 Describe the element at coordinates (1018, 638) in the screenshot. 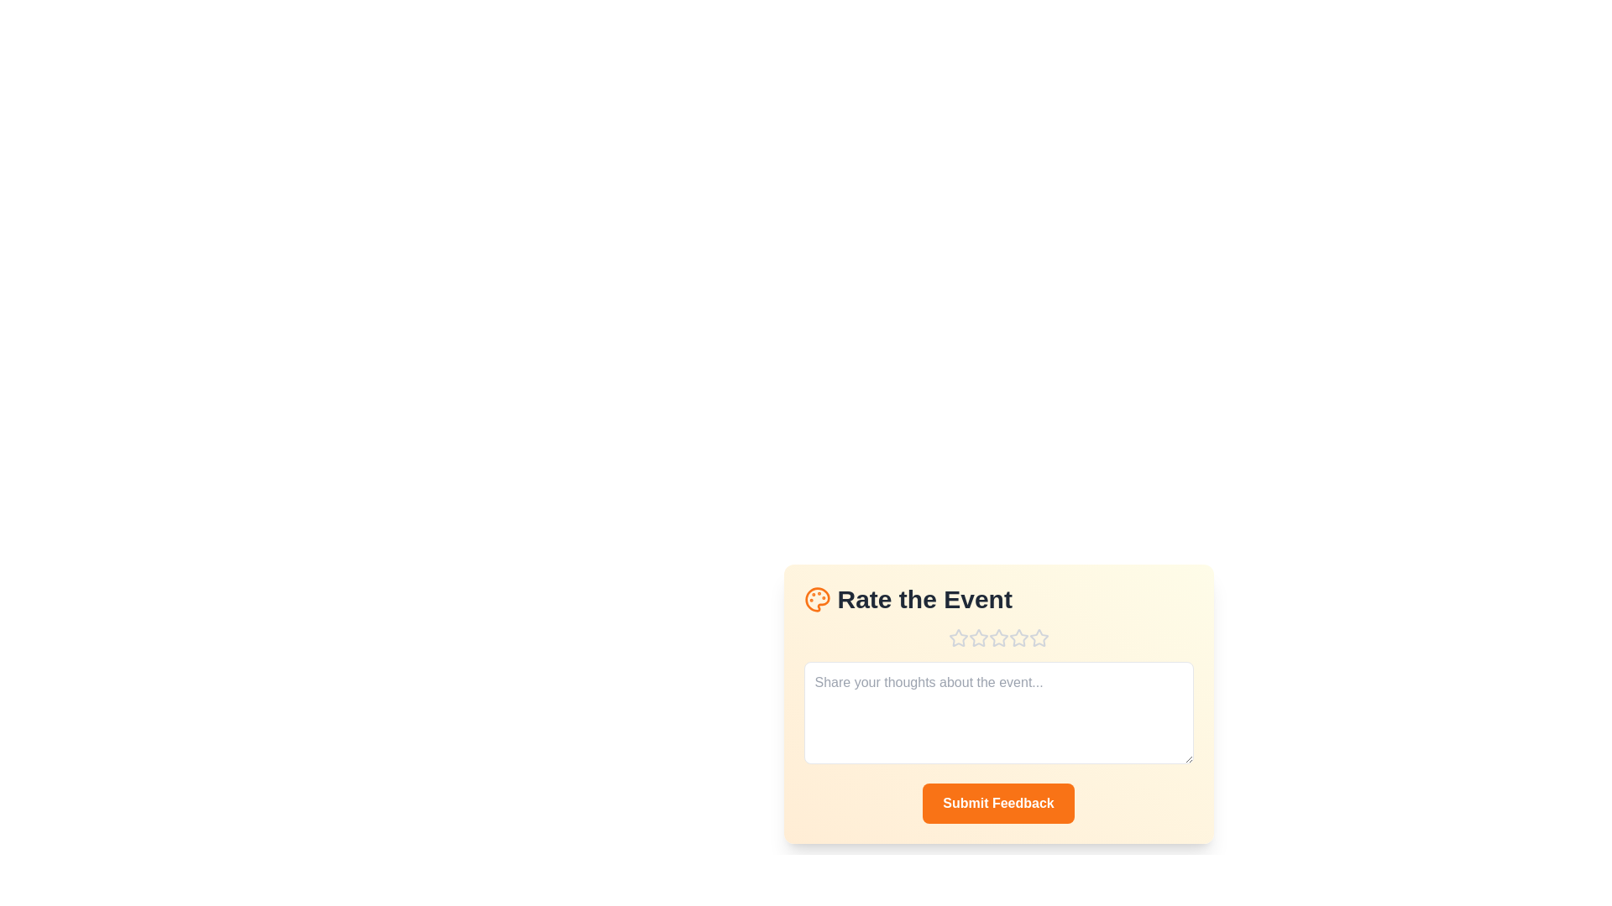

I see `the star corresponding to the desired rating 4 to set the rating` at that location.